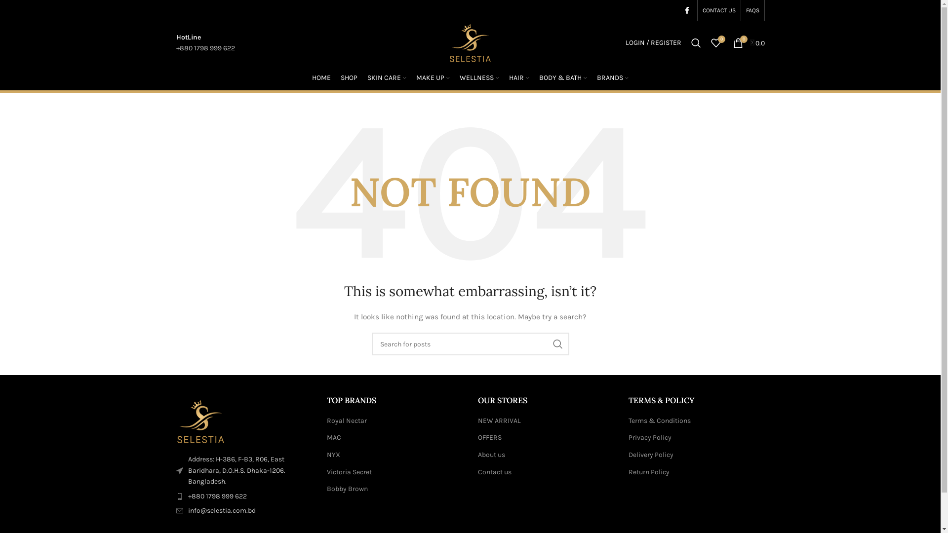 This screenshot has width=948, height=533. What do you see at coordinates (649, 471) in the screenshot?
I see `'Return Policy'` at bounding box center [649, 471].